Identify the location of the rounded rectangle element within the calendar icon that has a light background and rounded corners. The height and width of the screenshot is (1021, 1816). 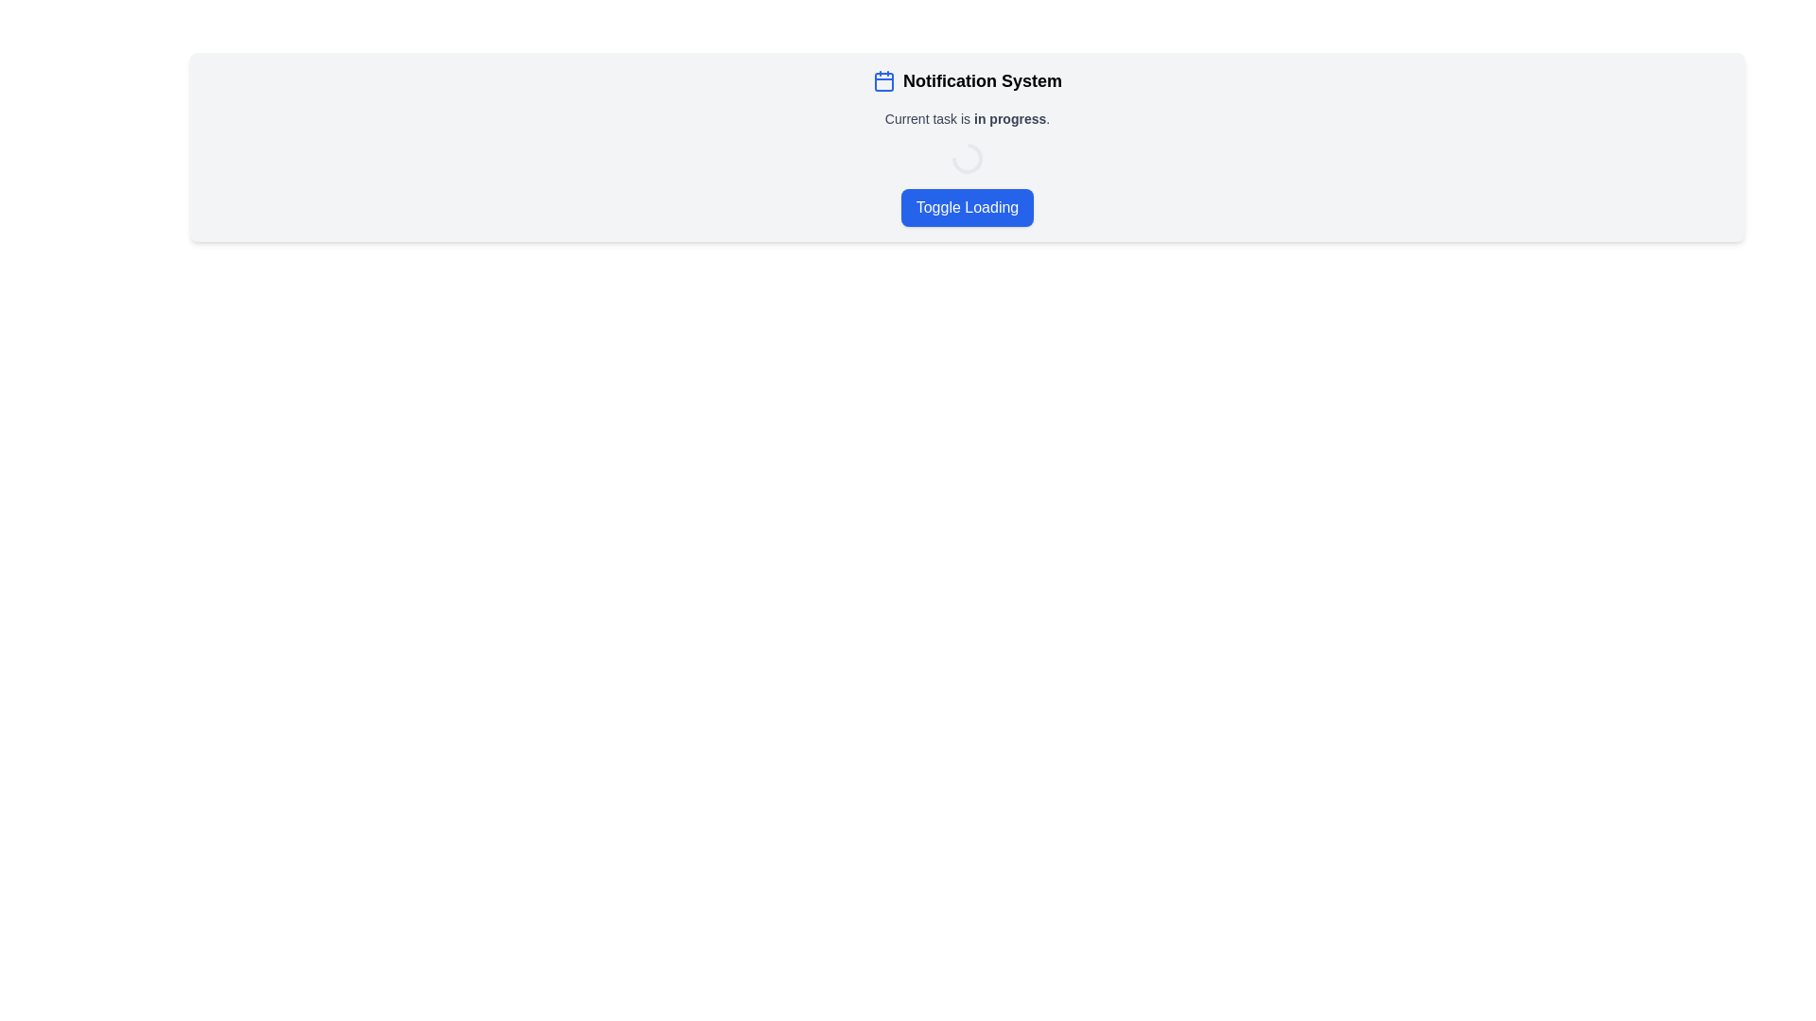
(883, 81).